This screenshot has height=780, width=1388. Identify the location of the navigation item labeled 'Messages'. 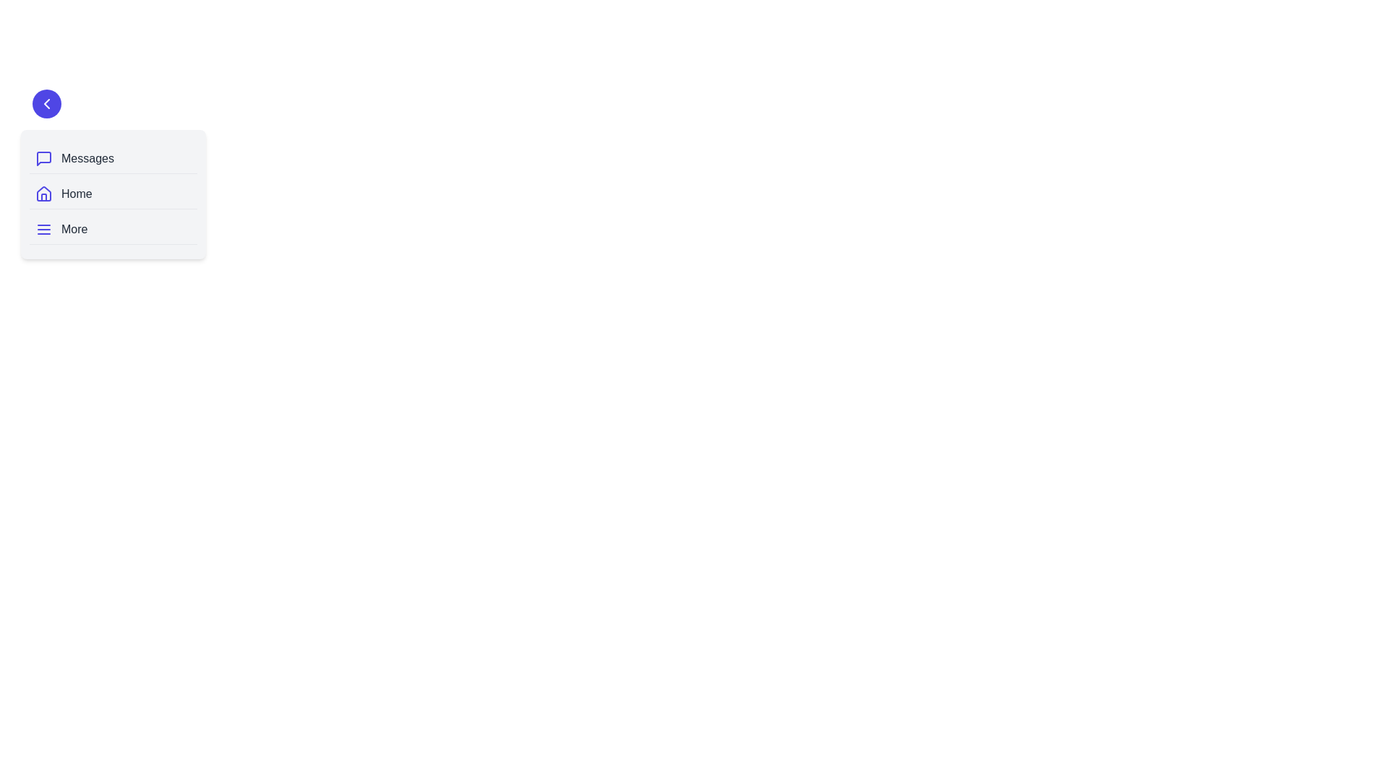
(113, 159).